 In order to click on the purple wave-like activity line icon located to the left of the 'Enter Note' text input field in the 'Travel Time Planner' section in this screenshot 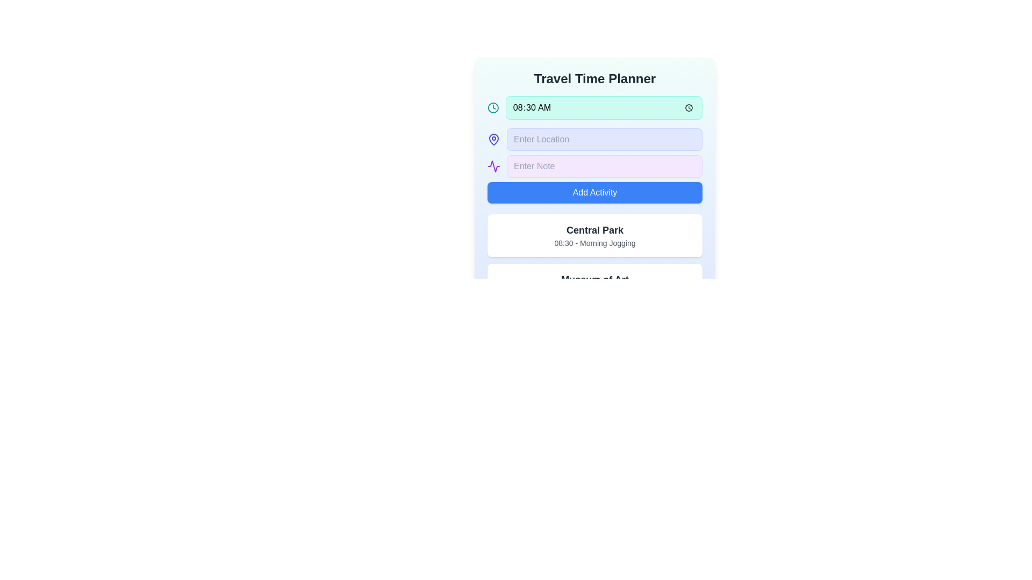, I will do `click(493, 166)`.